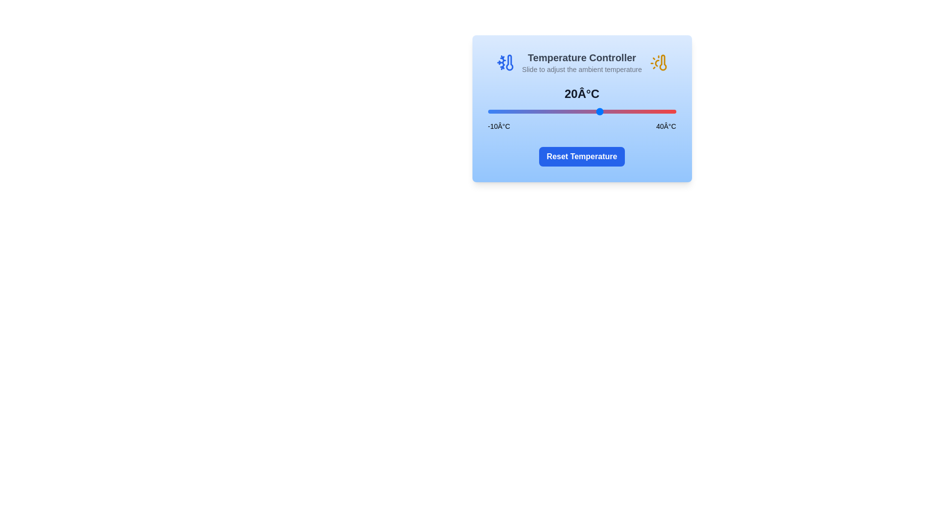  What do you see at coordinates (582, 109) in the screenshot?
I see `the range indicators of the vertical temperature slider, which displays the limits '-10Â°C' and '40Â°C' above and below the slider` at bounding box center [582, 109].